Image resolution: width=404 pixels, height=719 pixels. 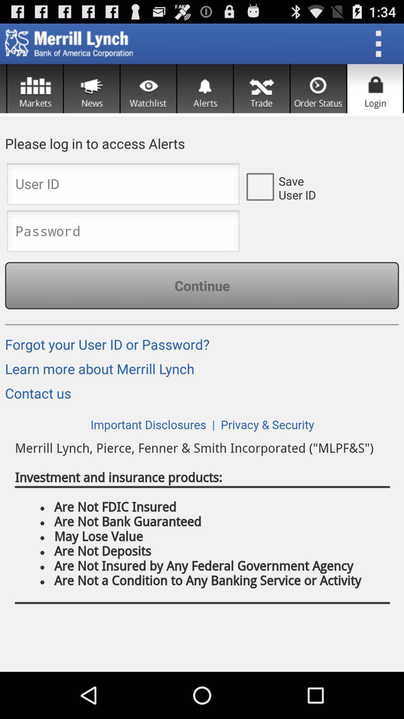 I want to click on user id, so click(x=259, y=186).